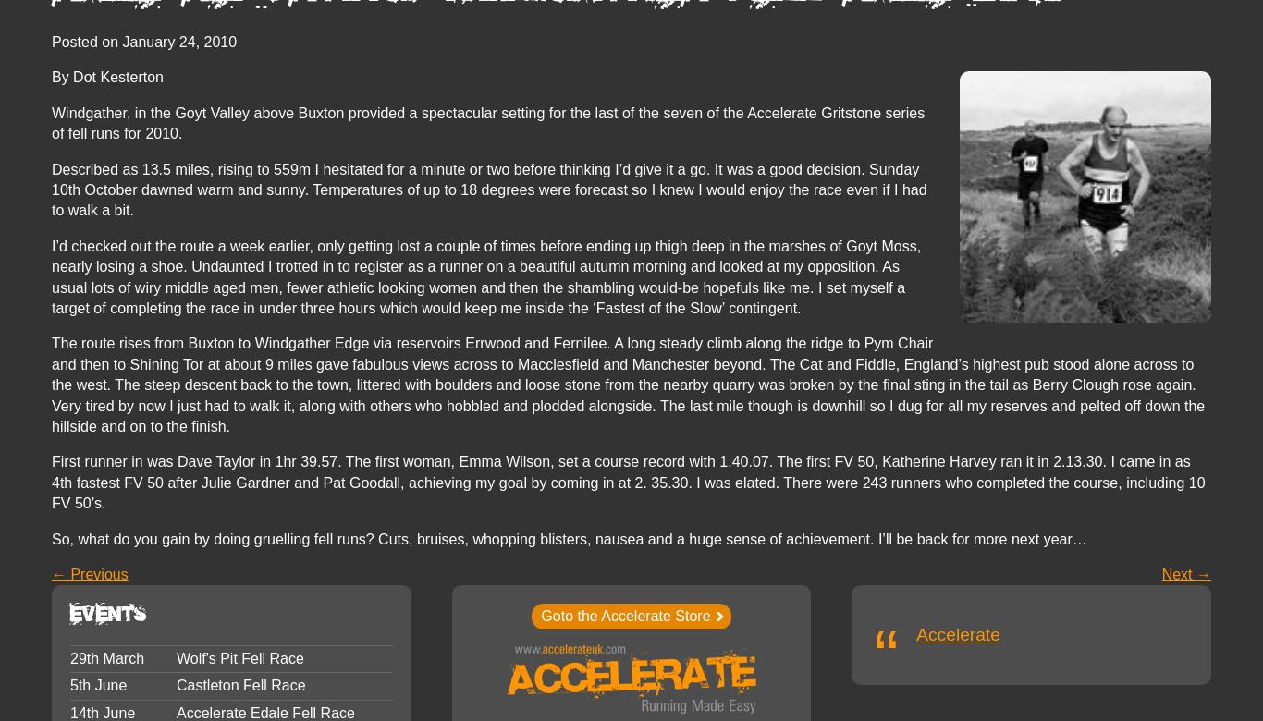 Image resolution: width=1263 pixels, height=721 pixels. Describe the element at coordinates (239, 684) in the screenshot. I see `'Castleton Fell Race'` at that location.